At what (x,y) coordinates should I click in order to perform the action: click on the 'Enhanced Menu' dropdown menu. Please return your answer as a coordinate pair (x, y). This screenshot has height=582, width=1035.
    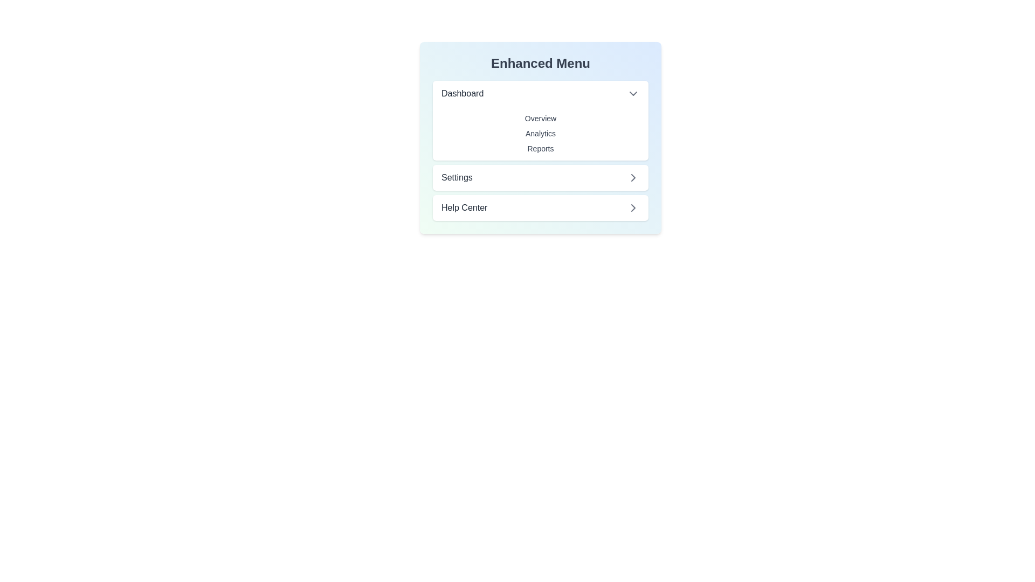
    Looking at the image, I should click on (541, 137).